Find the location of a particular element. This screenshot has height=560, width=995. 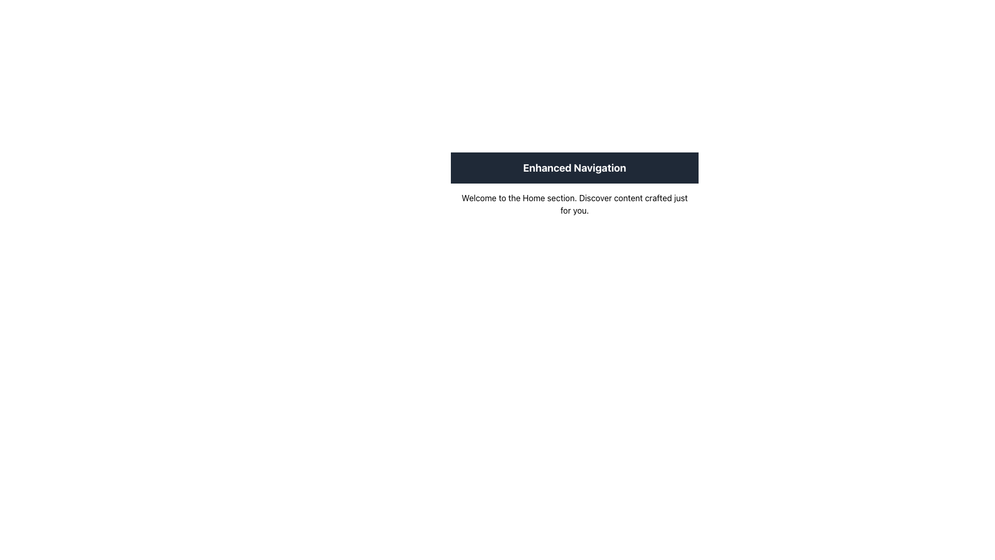

the Textual Information Block containing the header 'Enhanced Navigation' and the body text 'Welcome to the Home section.' is located at coordinates (574, 188).